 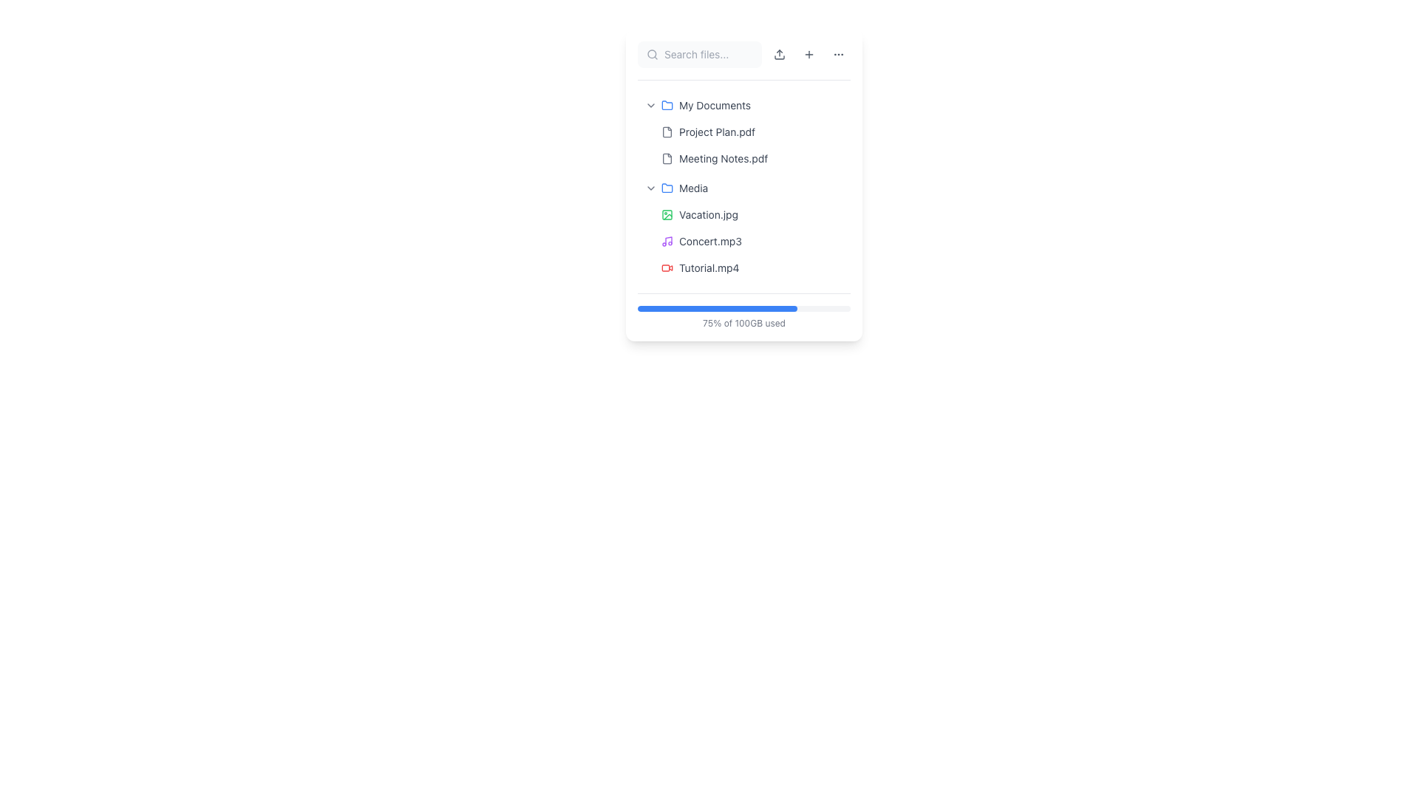 What do you see at coordinates (666, 187) in the screenshot?
I see `the small blue folder icon located to the left of the text 'Media' in the file manager interface` at bounding box center [666, 187].